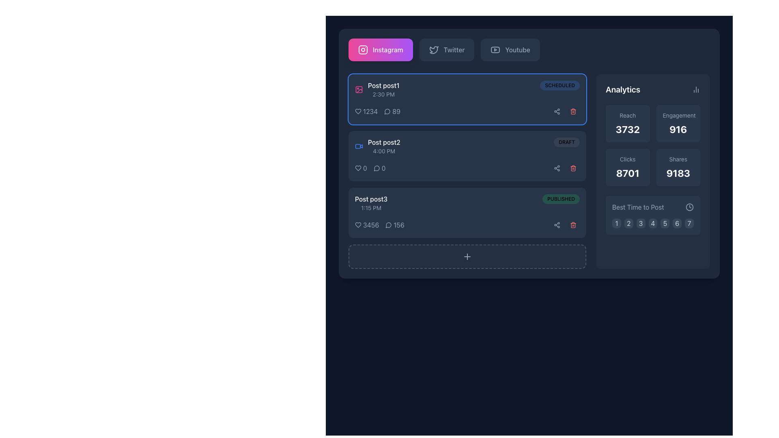  Describe the element at coordinates (572, 168) in the screenshot. I see `the delete button icon, which is represented by a trash can design and is located at the far right of the 'Post post2' entry` at that location.